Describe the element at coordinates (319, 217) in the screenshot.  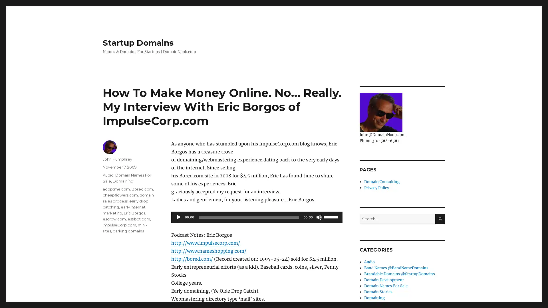
I see `Mute` at that location.